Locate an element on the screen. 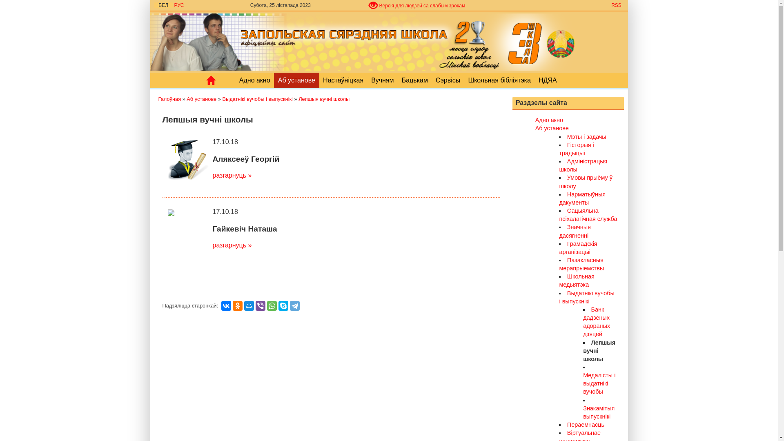 The image size is (784, 441). 'RSS' is located at coordinates (616, 5).